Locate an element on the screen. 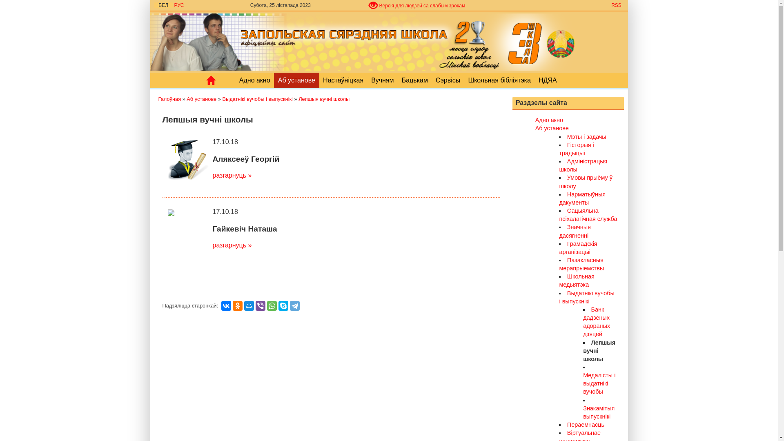 The image size is (784, 441). 'RSS' is located at coordinates (616, 5).